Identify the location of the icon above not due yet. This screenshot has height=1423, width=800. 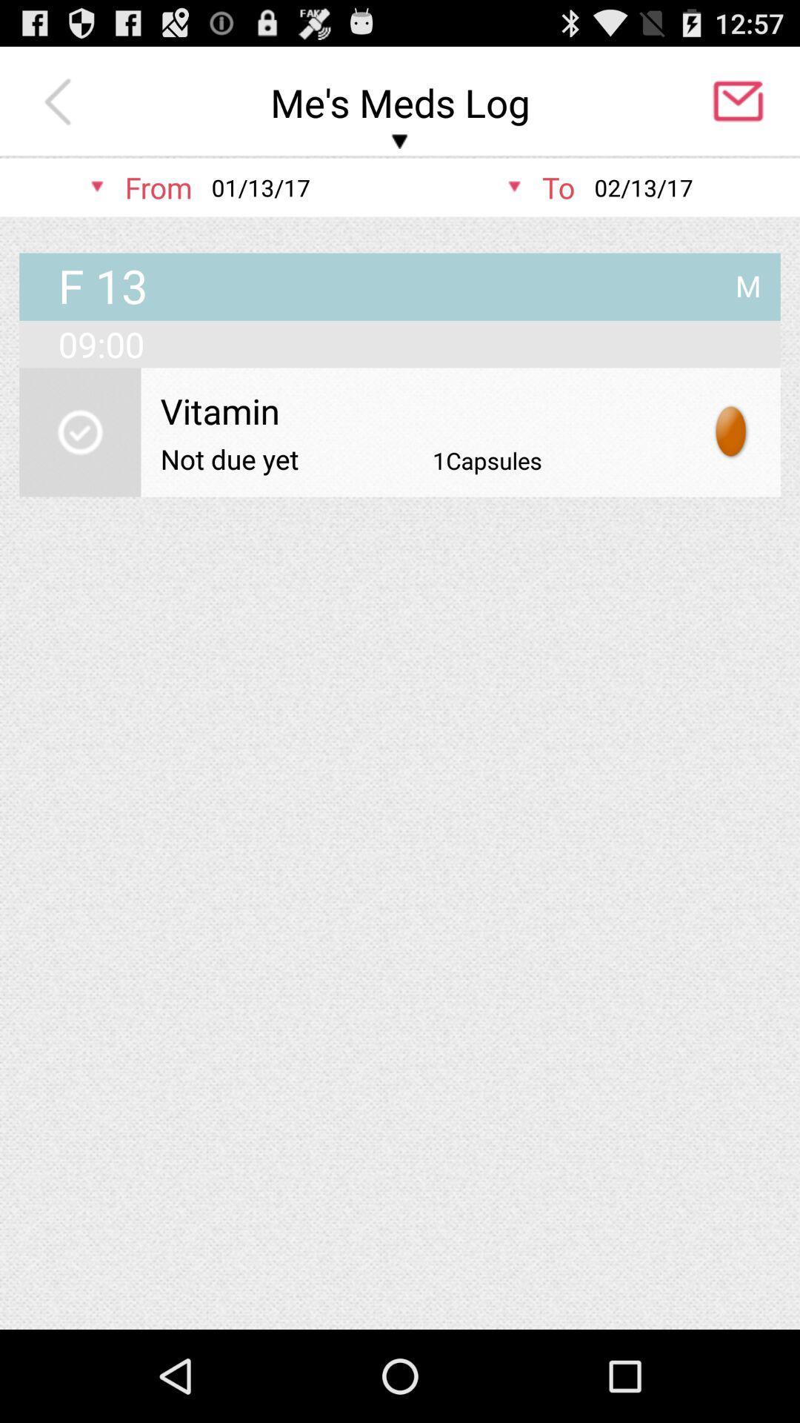
(421, 411).